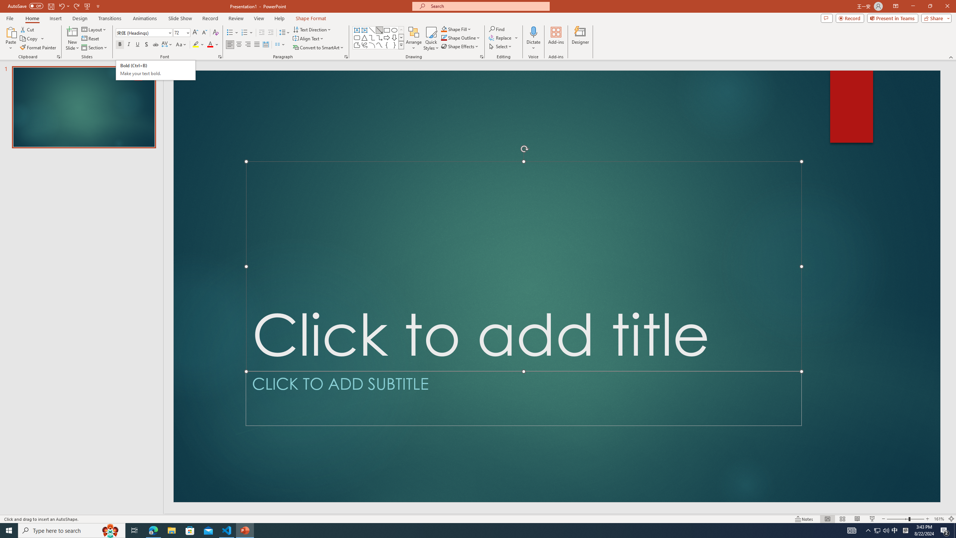 Image resolution: width=956 pixels, height=538 pixels. I want to click on 'Connector: Elbow Arrow', so click(379, 37).